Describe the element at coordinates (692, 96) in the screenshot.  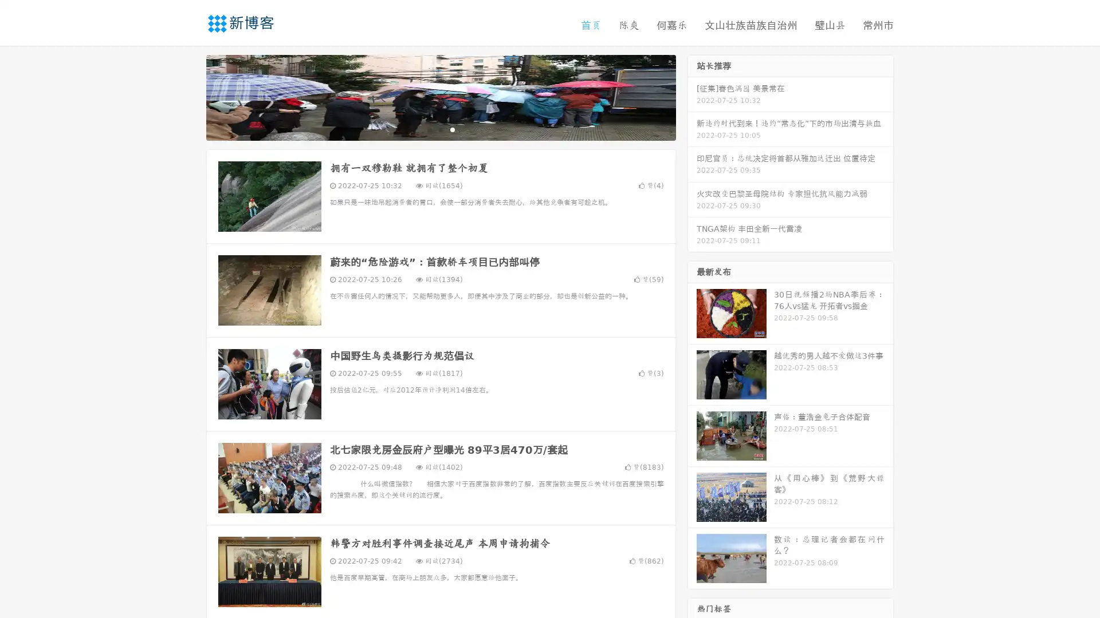
I see `Next slide` at that location.